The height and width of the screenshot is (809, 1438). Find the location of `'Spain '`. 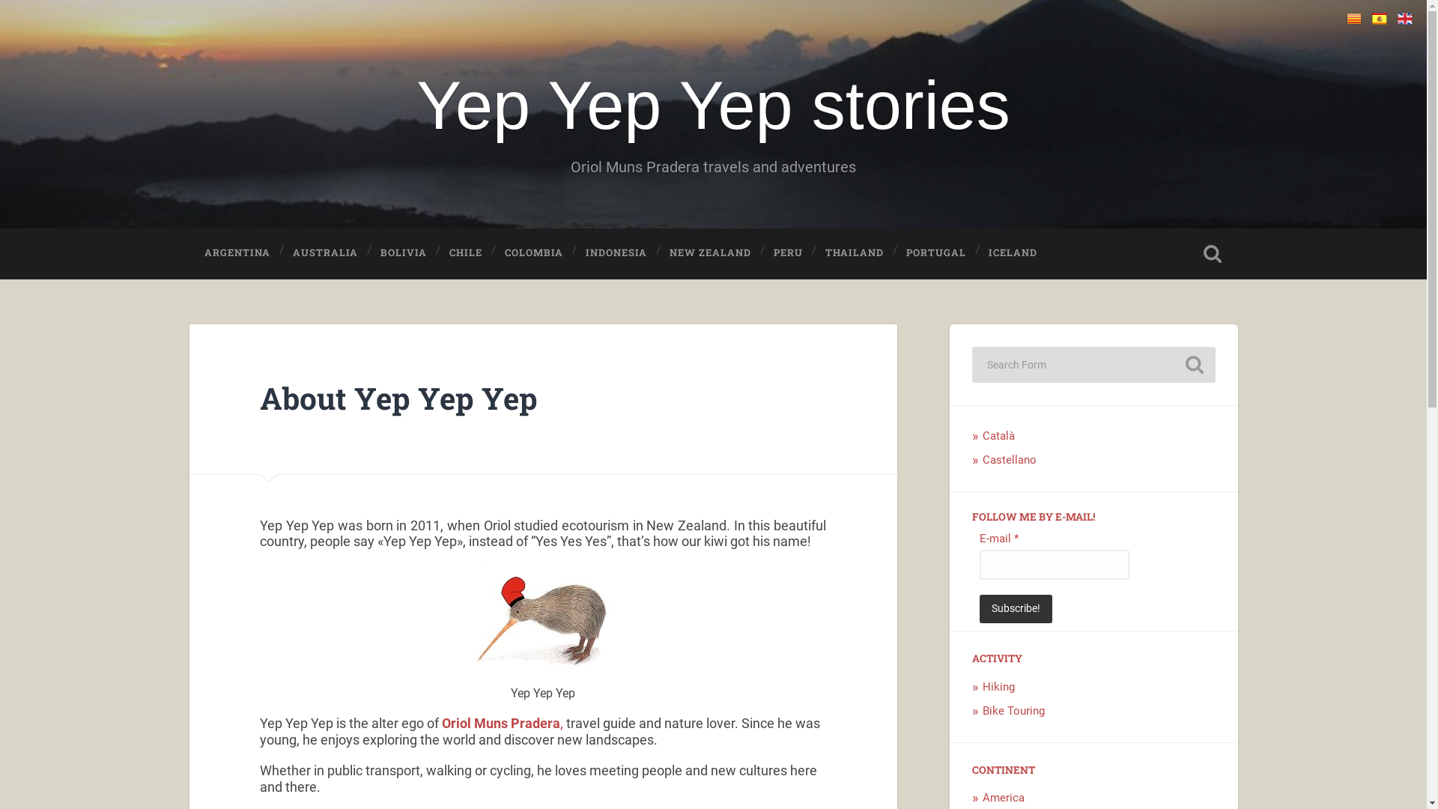

'Spain ' is located at coordinates (1379, 18).